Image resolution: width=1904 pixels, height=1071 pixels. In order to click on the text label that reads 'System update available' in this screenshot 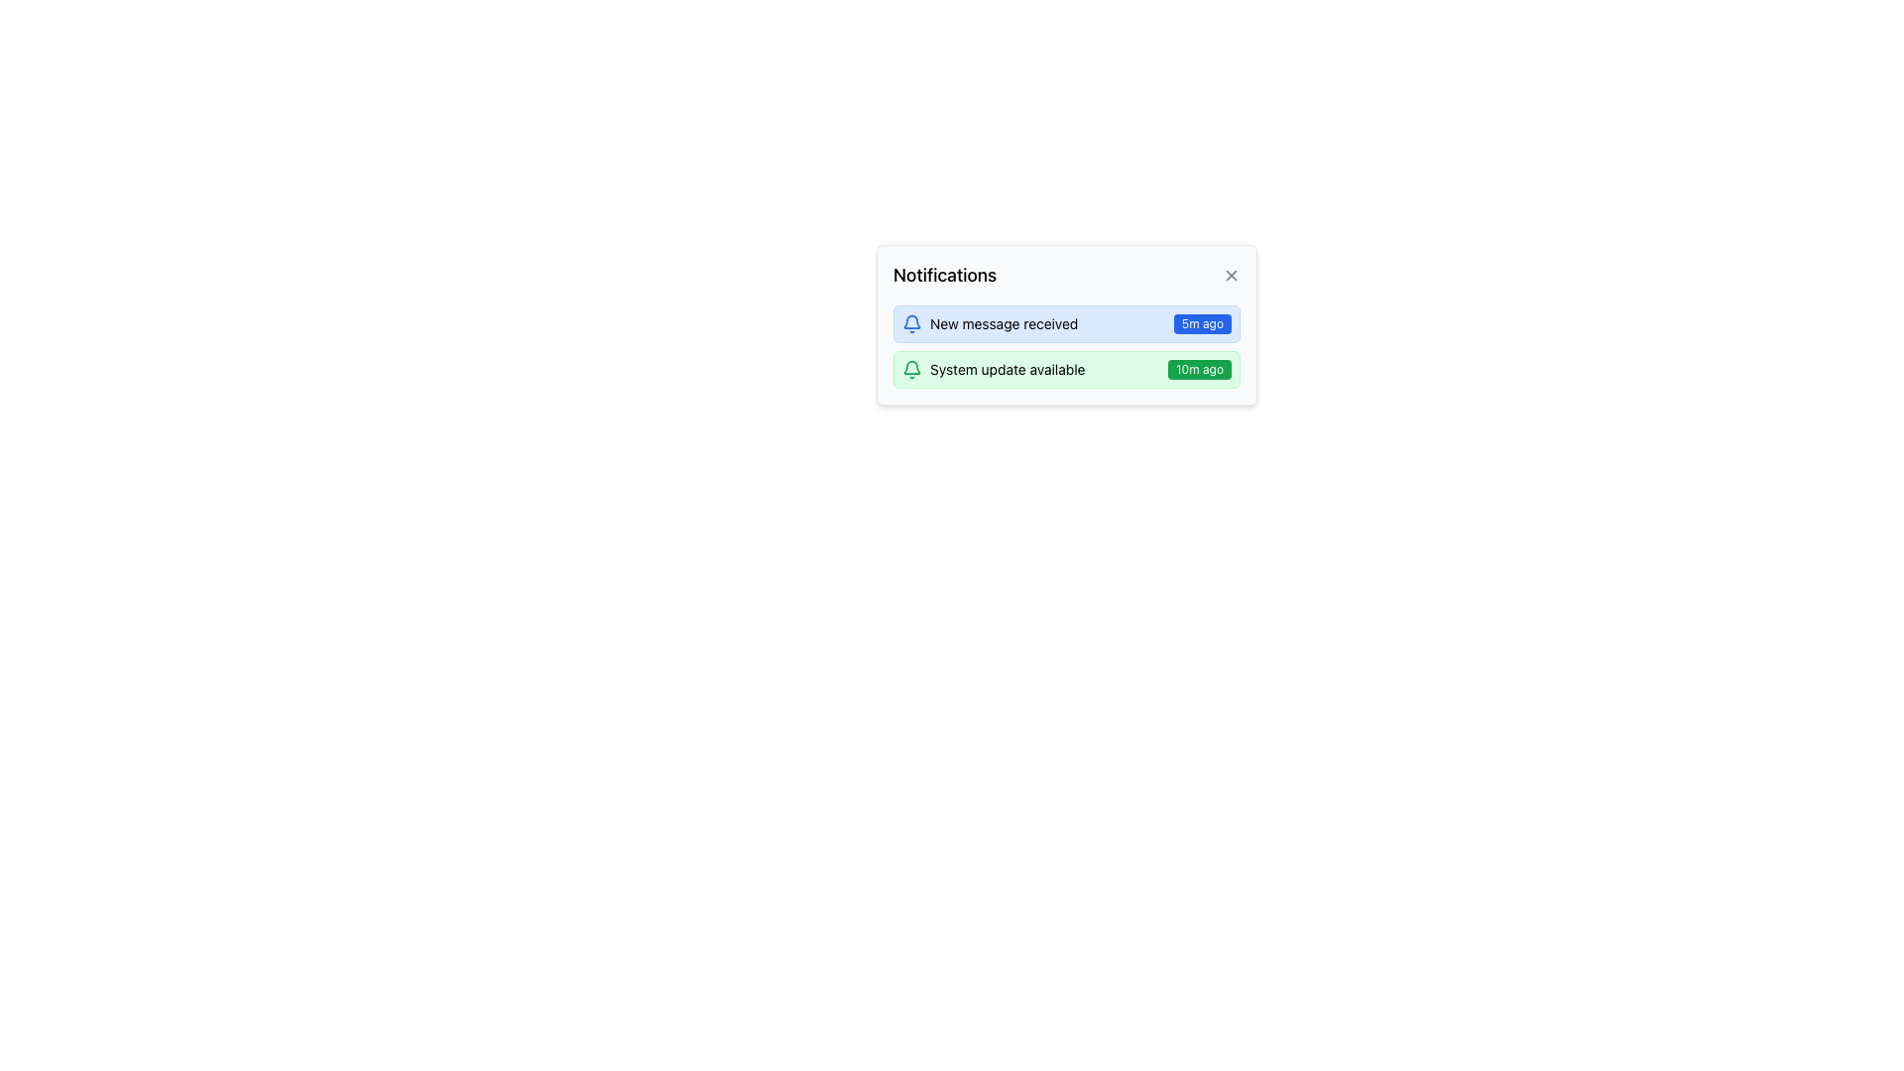, I will do `click(1008, 370)`.